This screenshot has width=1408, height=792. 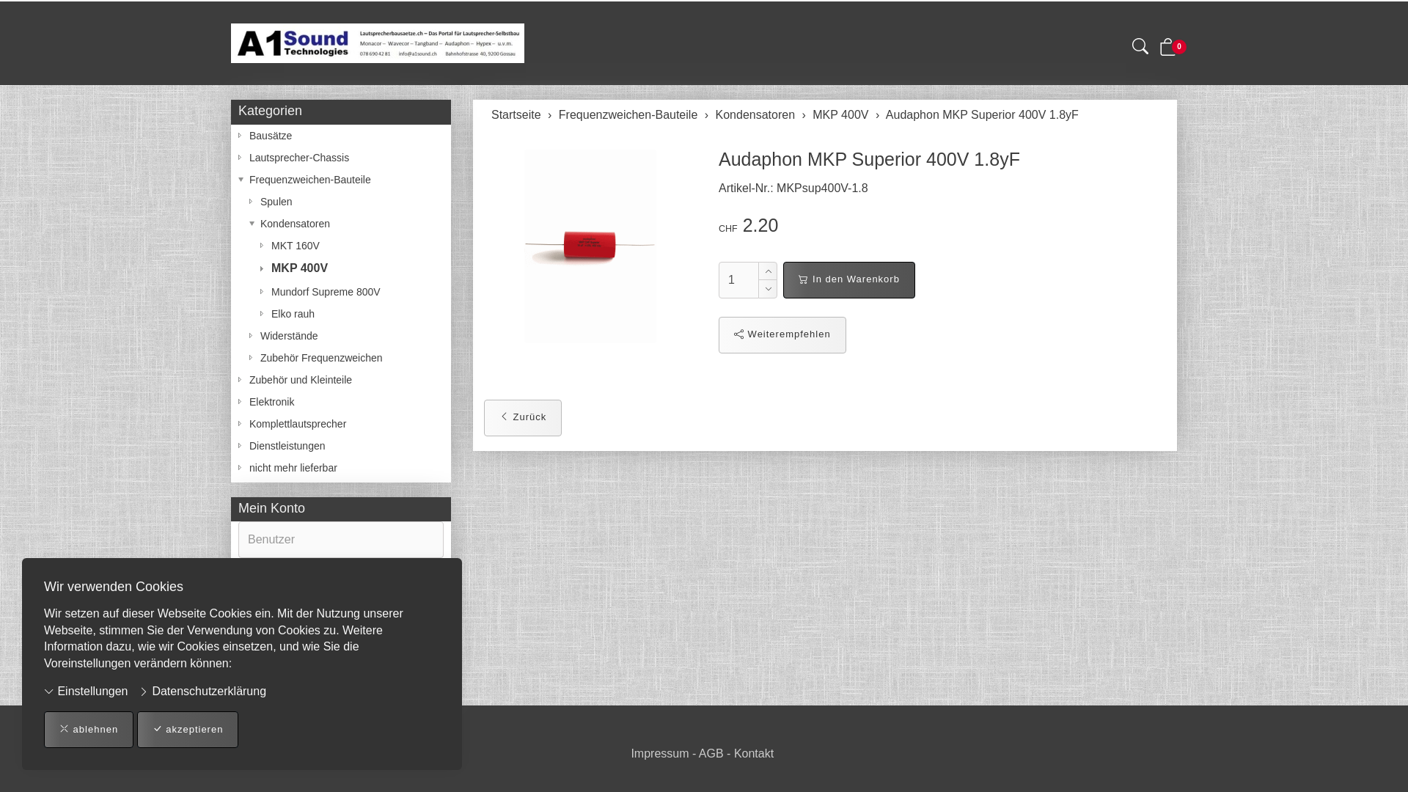 What do you see at coordinates (848, 279) in the screenshot?
I see `'In den Warenkorb'` at bounding box center [848, 279].